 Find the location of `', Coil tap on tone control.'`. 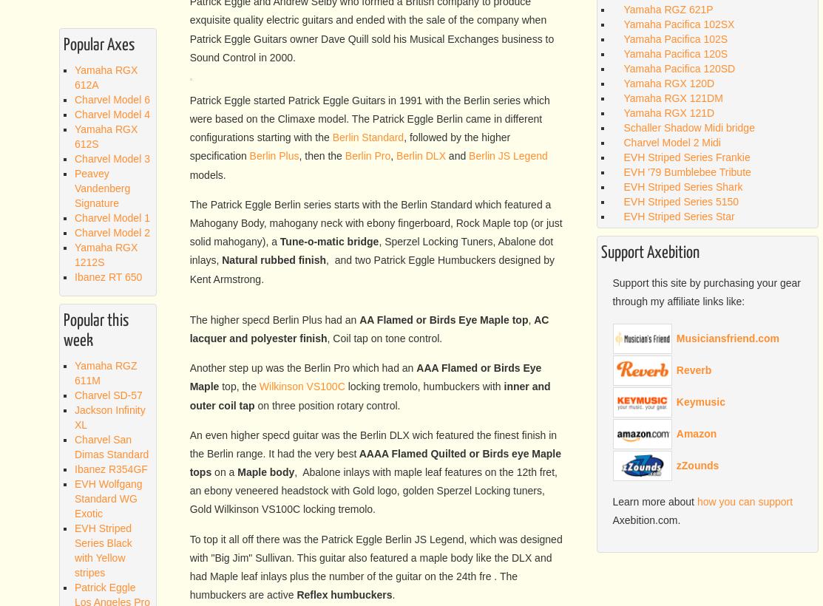

', Coil tap on tone control.' is located at coordinates (384, 551).